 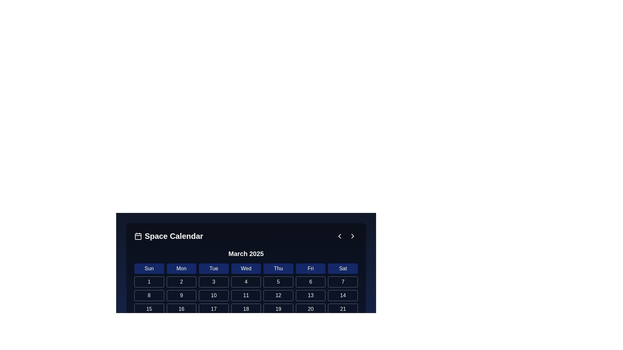 I want to click on the appearance of the calendar icon, which is positioned to the immediate left of the text 'Space Calendar' in the header area, so click(x=138, y=236).